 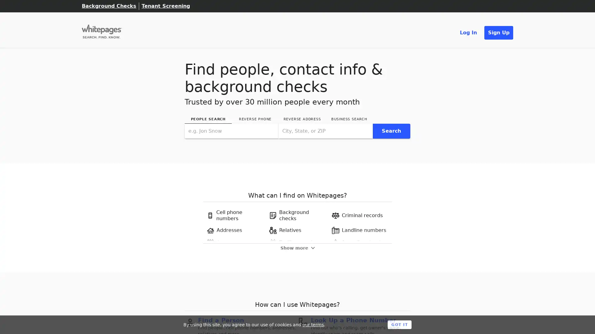 I want to click on Show more, so click(x=297, y=247).